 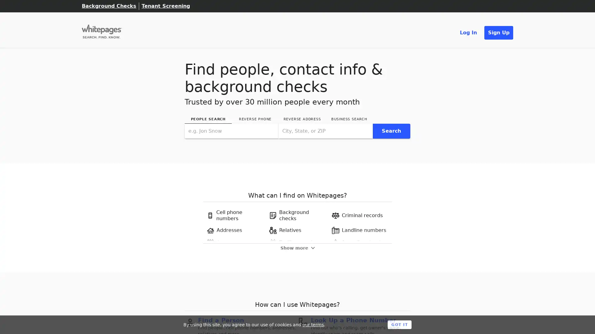 I want to click on Show more, so click(x=297, y=247).